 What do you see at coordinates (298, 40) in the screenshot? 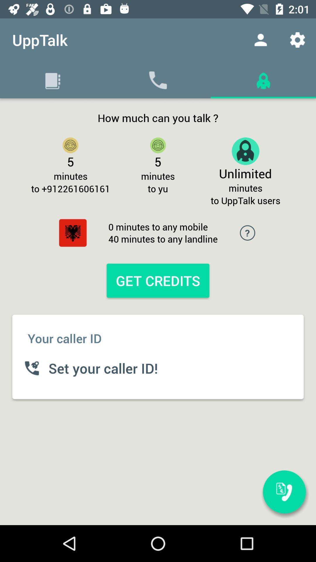
I see `icon above the to upptalk users icon` at bounding box center [298, 40].